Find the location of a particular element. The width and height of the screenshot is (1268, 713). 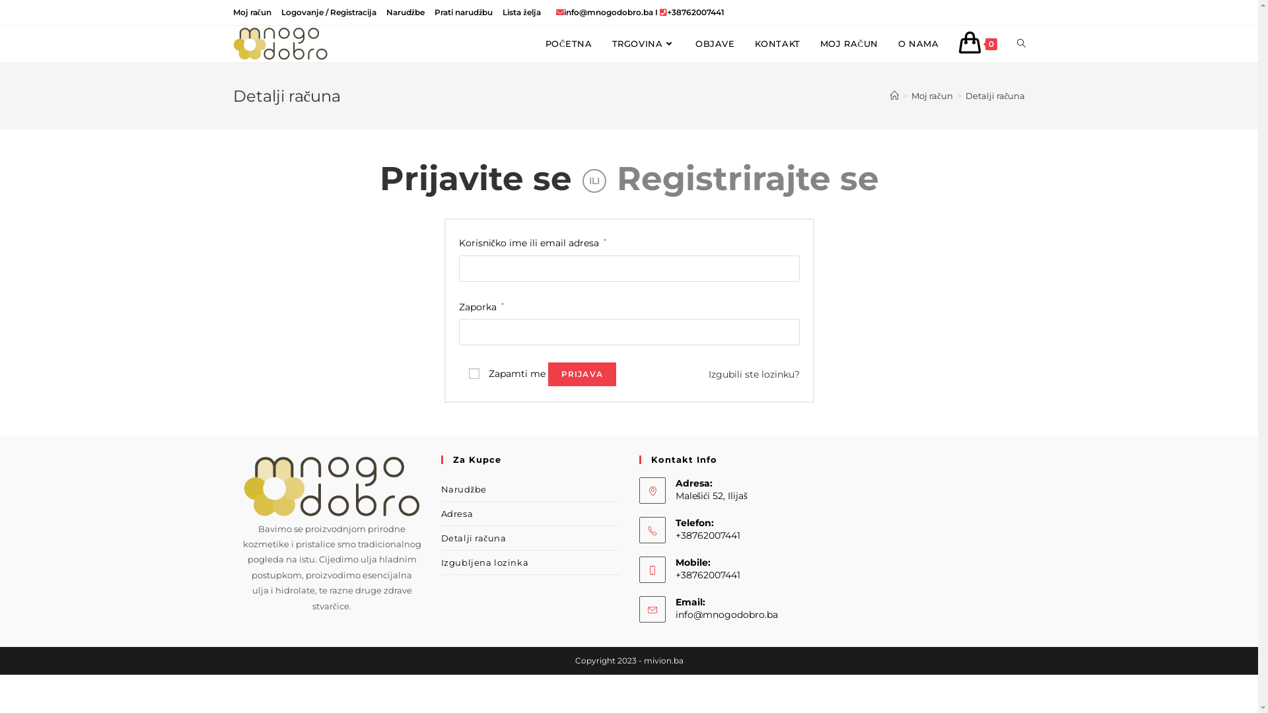

'PRIJAVA' is located at coordinates (548, 374).